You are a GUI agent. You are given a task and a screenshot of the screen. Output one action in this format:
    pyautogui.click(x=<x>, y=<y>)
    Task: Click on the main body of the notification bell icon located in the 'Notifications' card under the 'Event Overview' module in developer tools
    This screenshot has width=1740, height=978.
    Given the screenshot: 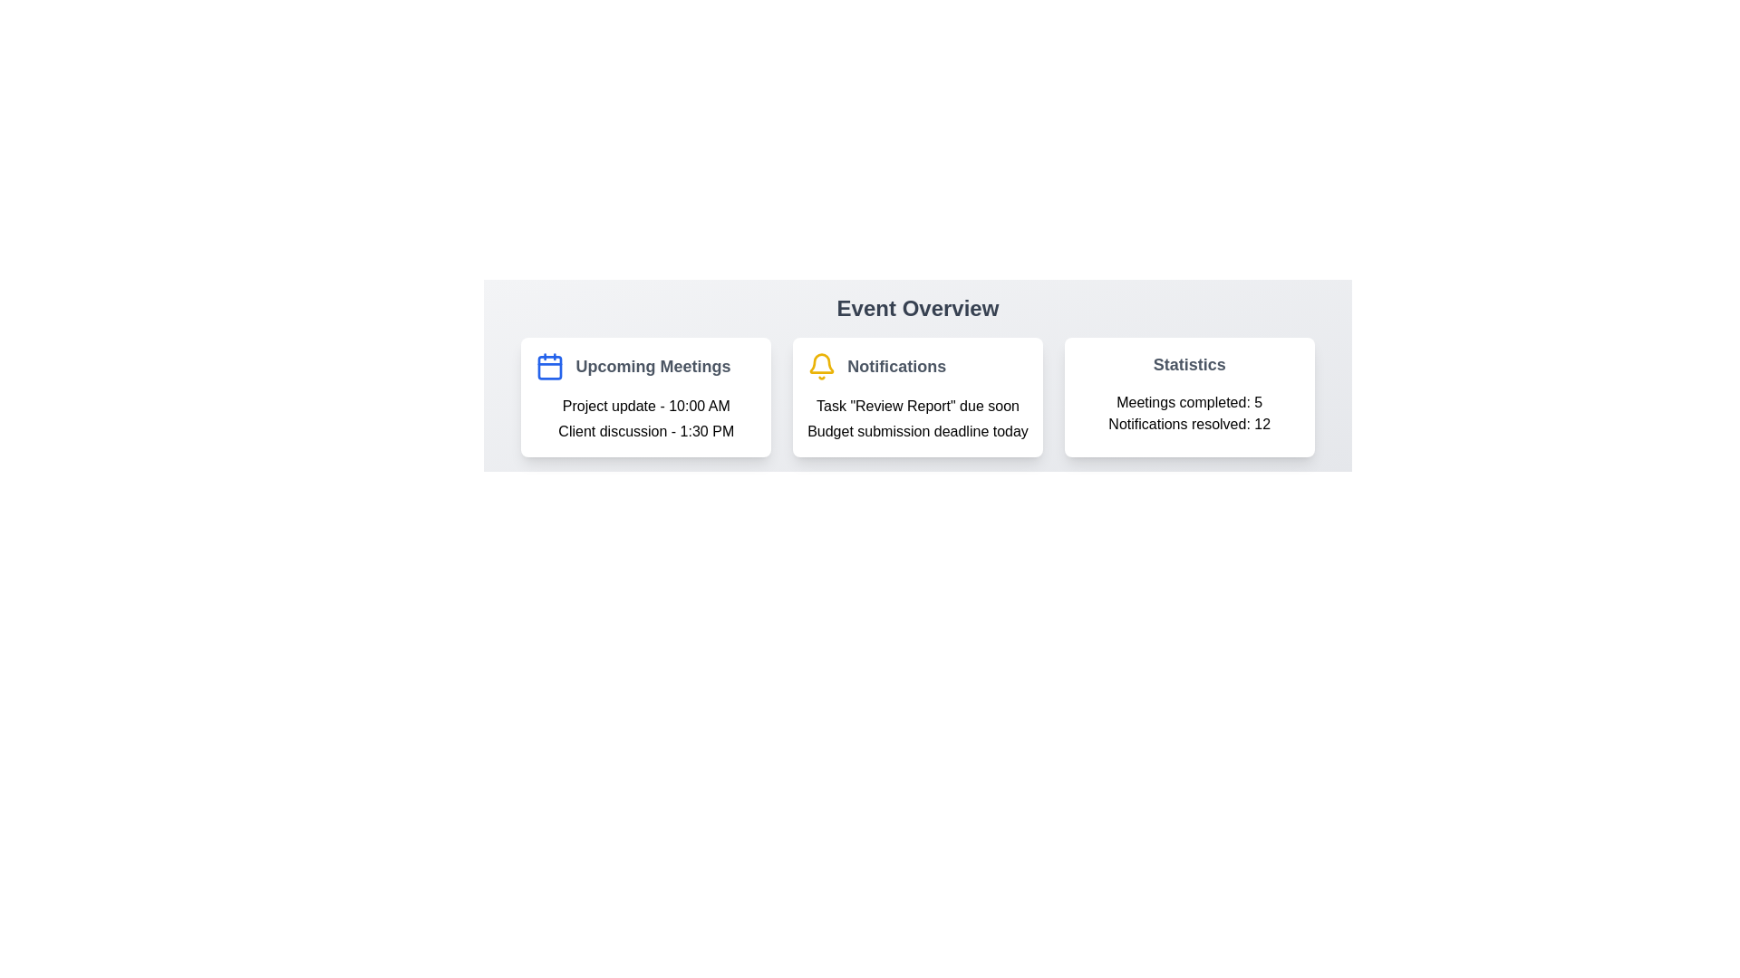 What is the action you would take?
    pyautogui.click(x=821, y=363)
    